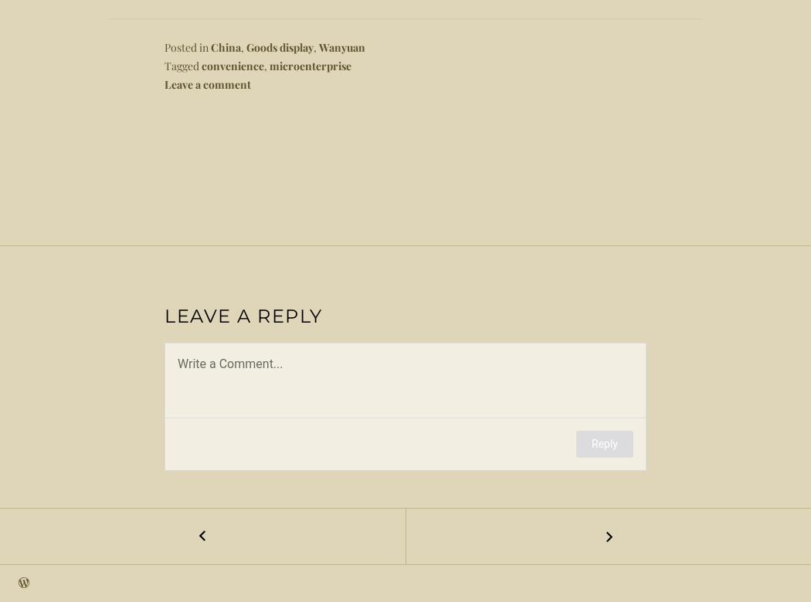 The height and width of the screenshot is (602, 811). I want to click on 'Reply', so click(604, 443).